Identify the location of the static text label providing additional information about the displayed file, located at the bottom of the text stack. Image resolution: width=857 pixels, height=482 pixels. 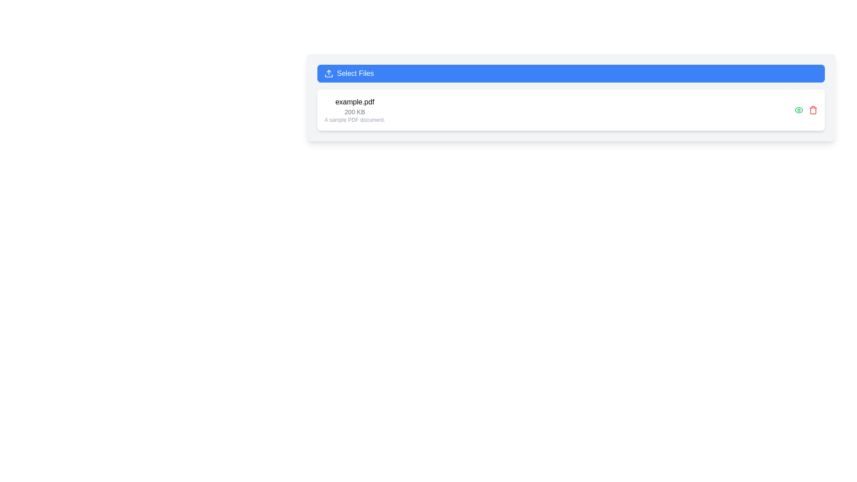
(354, 120).